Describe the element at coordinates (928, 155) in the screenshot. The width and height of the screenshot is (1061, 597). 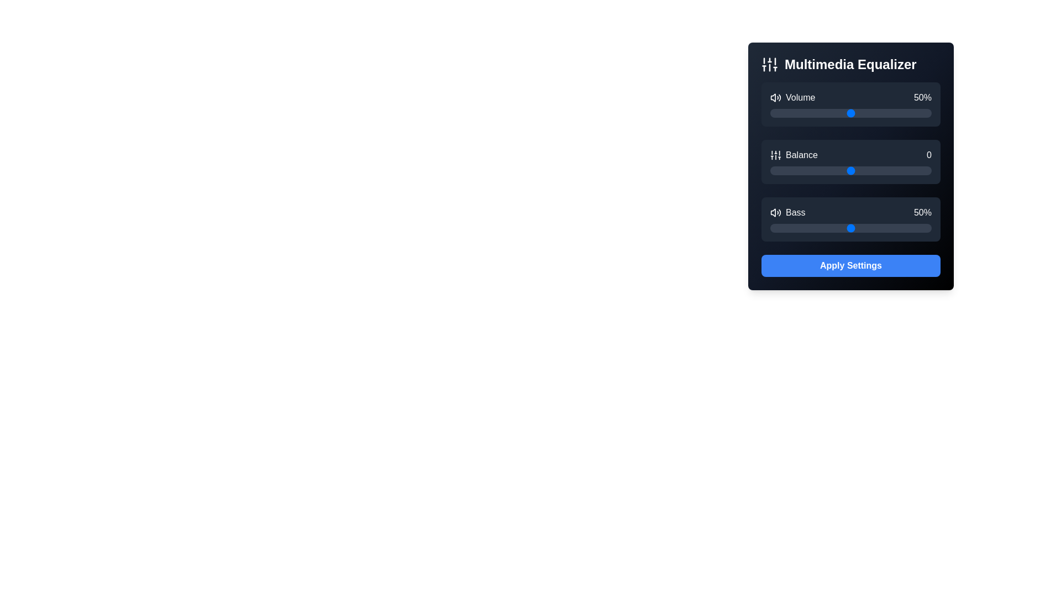
I see `the static text display showing the value '0' that is styled in white text on a dark background, positioned to the right of the 'Balance' slider in the 'Multimedia Equalizer' section` at that location.